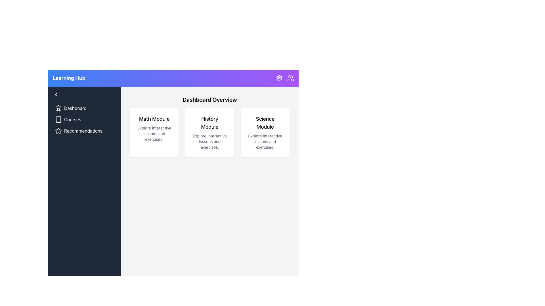 The width and height of the screenshot is (545, 306). I want to click on the third interactive option in the vertical menu on the left sidebar, located beneath the 'Courses' option, so click(83, 131).